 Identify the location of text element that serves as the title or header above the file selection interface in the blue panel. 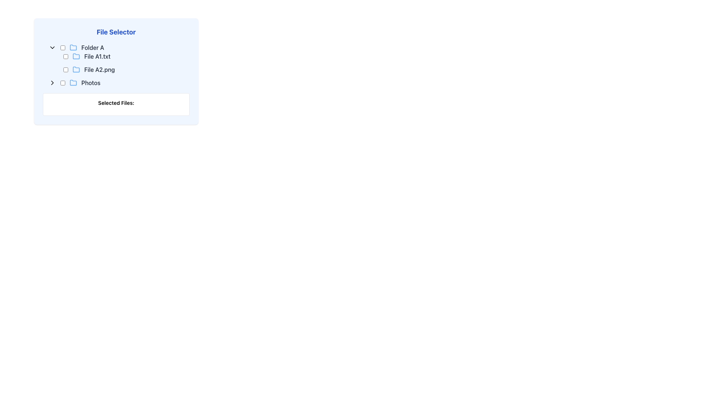
(115, 32).